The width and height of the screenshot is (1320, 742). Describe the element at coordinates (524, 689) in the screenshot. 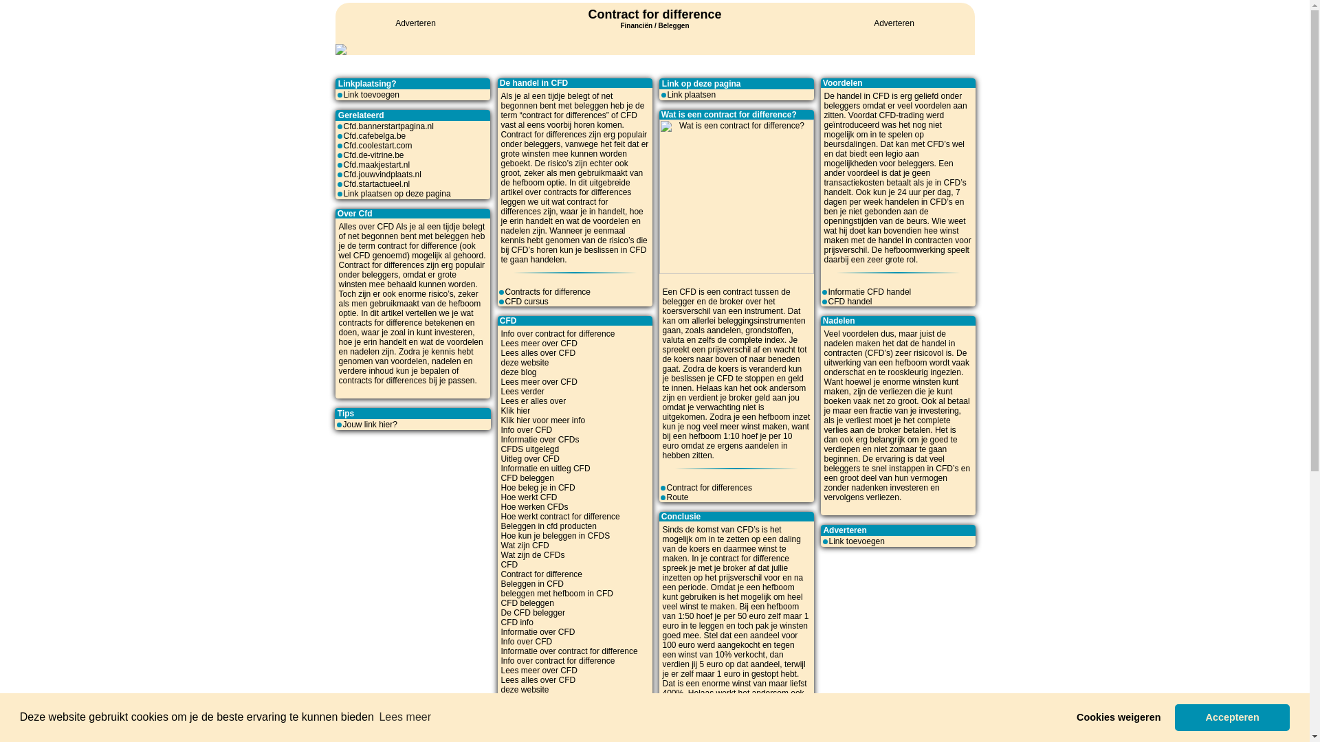

I see `'deze website'` at that location.